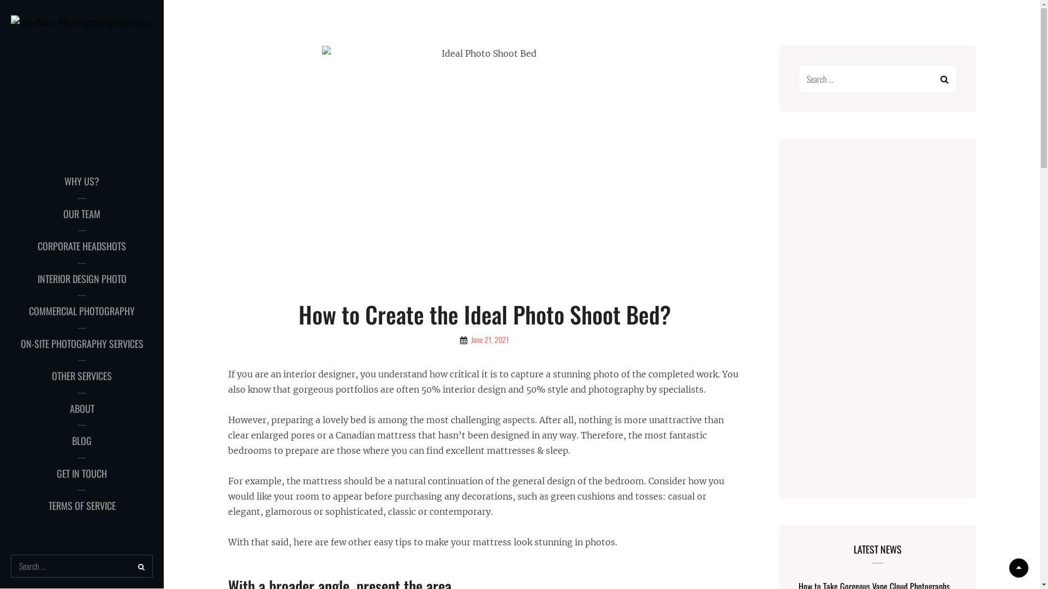 The height and width of the screenshot is (589, 1048). Describe the element at coordinates (1018, 567) in the screenshot. I see `'Scroll Up'` at that location.